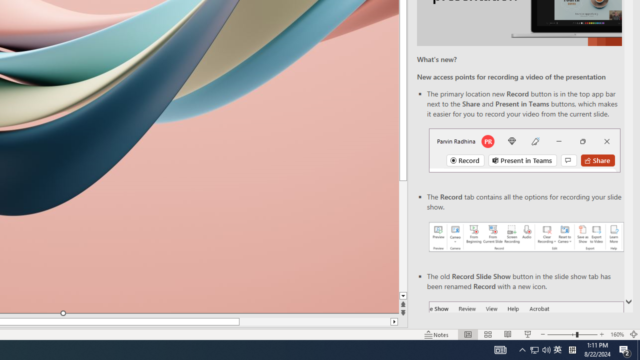 This screenshot has width=640, height=360. Describe the element at coordinates (633, 334) in the screenshot. I see `'Zoom to Fit '` at that location.